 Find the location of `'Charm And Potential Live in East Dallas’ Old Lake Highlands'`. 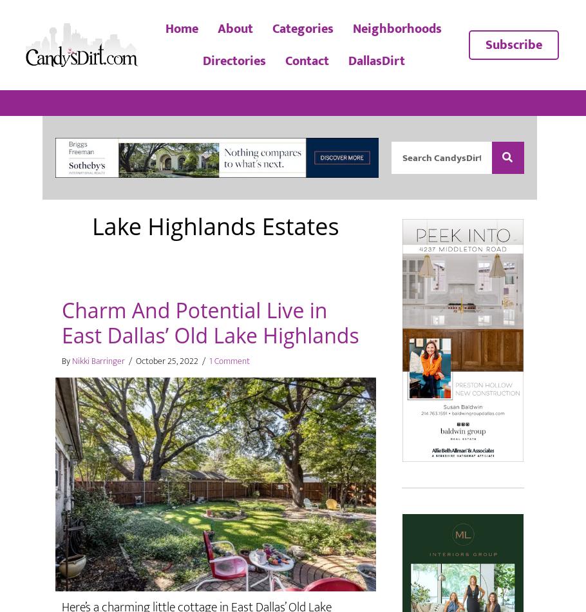

'Charm And Potential Live in East Dallas’ Old Lake Highlands' is located at coordinates (209, 322).